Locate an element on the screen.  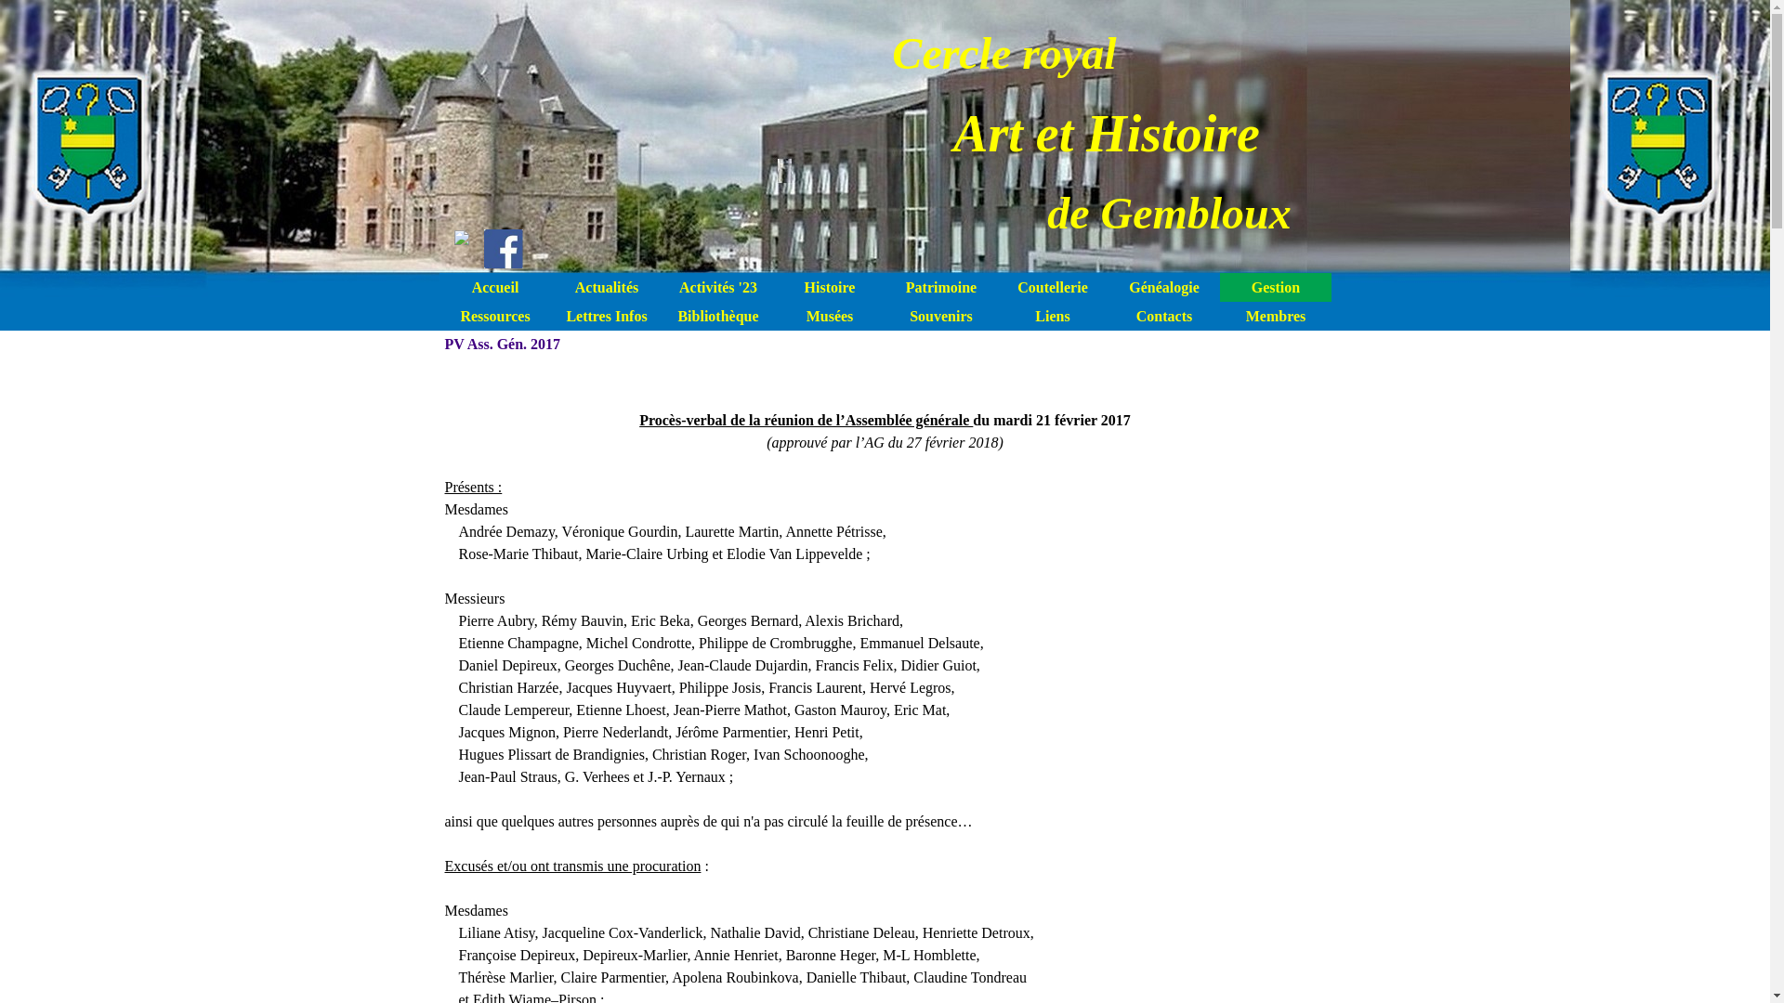
'Contacts' is located at coordinates (1110, 315).